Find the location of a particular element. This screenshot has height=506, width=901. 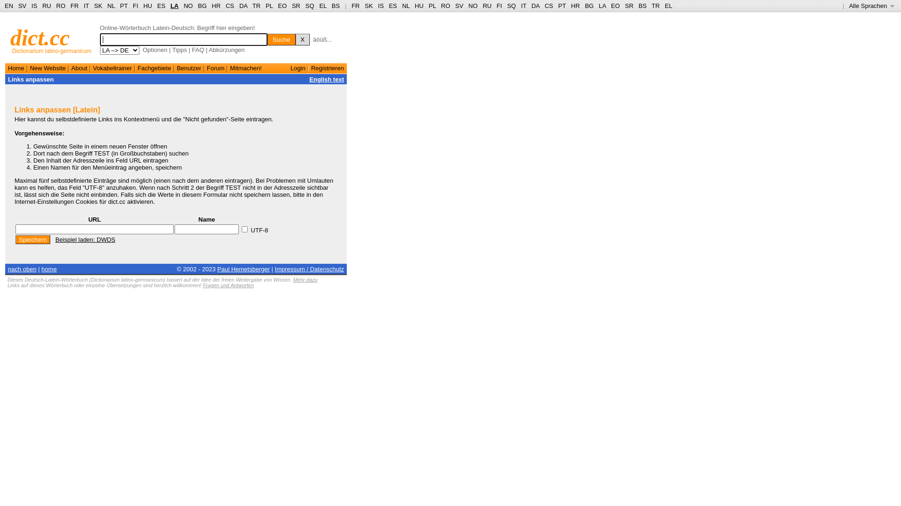

'DA' is located at coordinates (535, 6).